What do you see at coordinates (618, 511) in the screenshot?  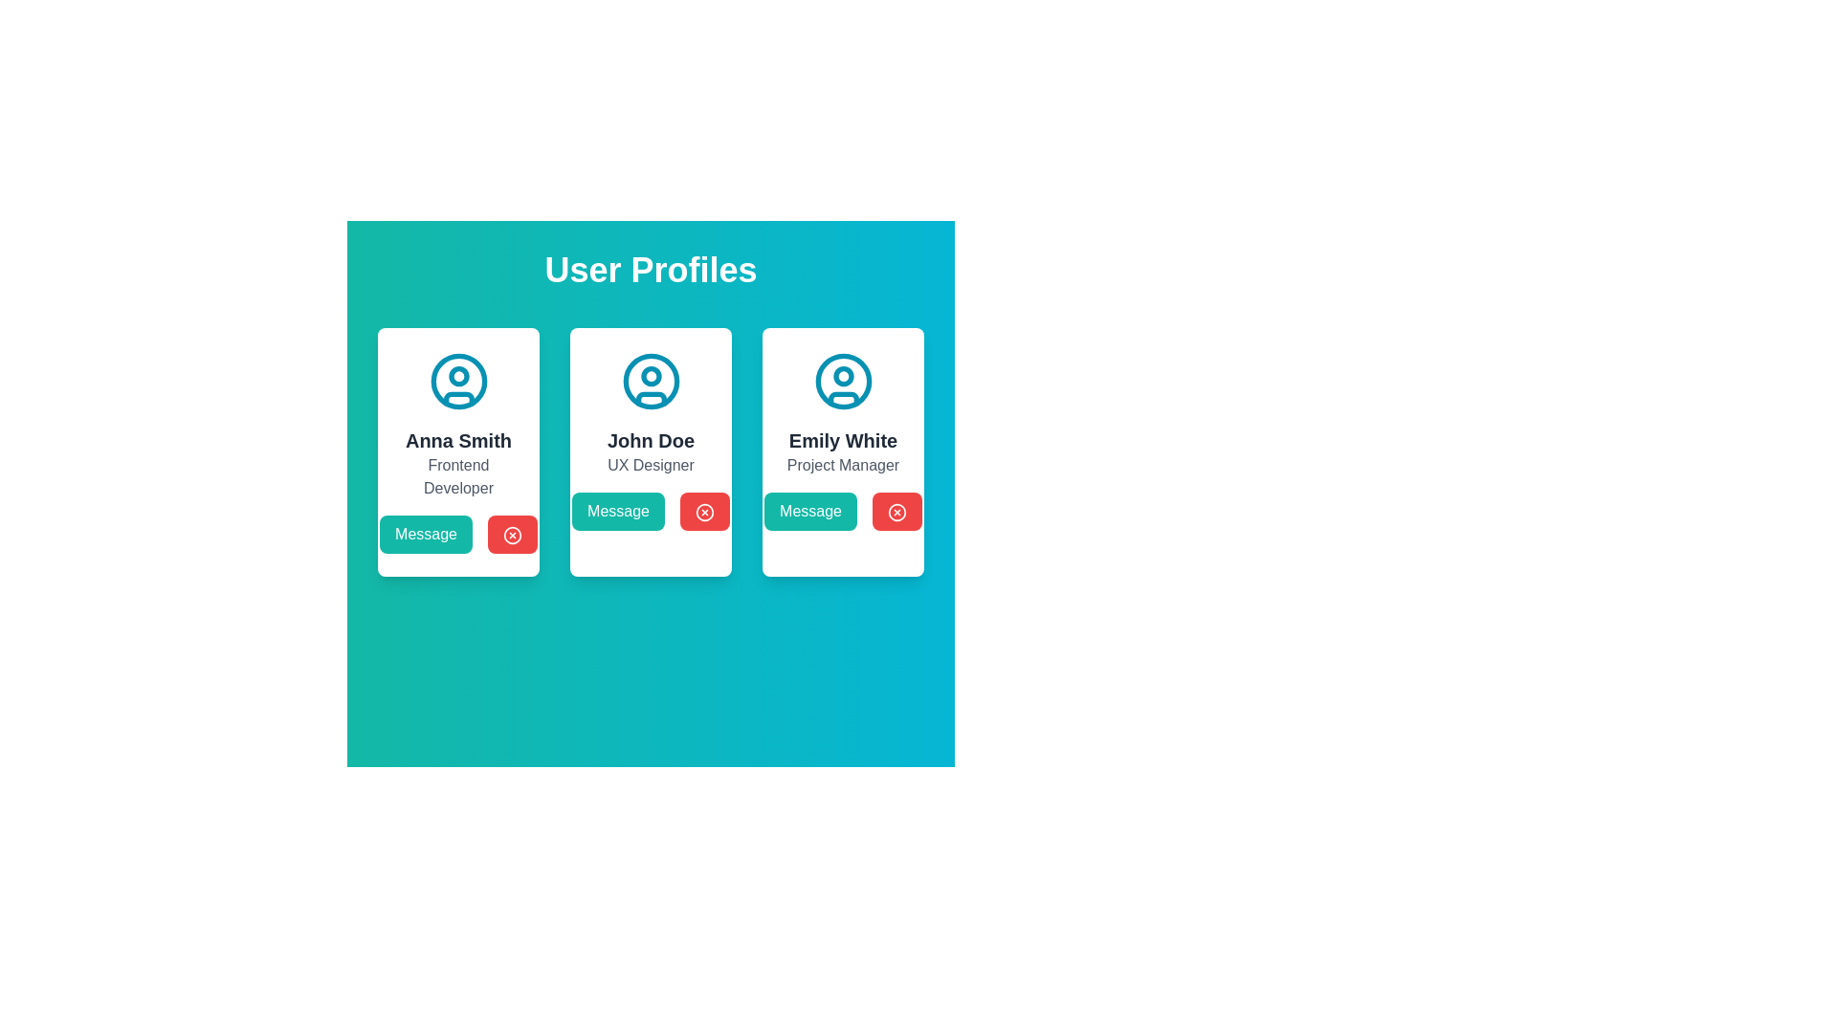 I see `the light teal 'Message' button with white text located within John Doe's profile card` at bounding box center [618, 511].